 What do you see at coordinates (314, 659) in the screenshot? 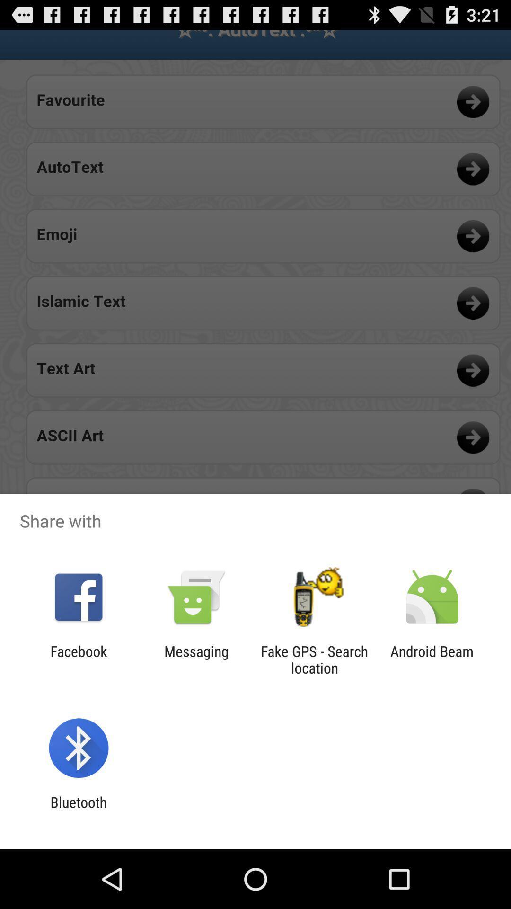
I see `fake gps search icon` at bounding box center [314, 659].